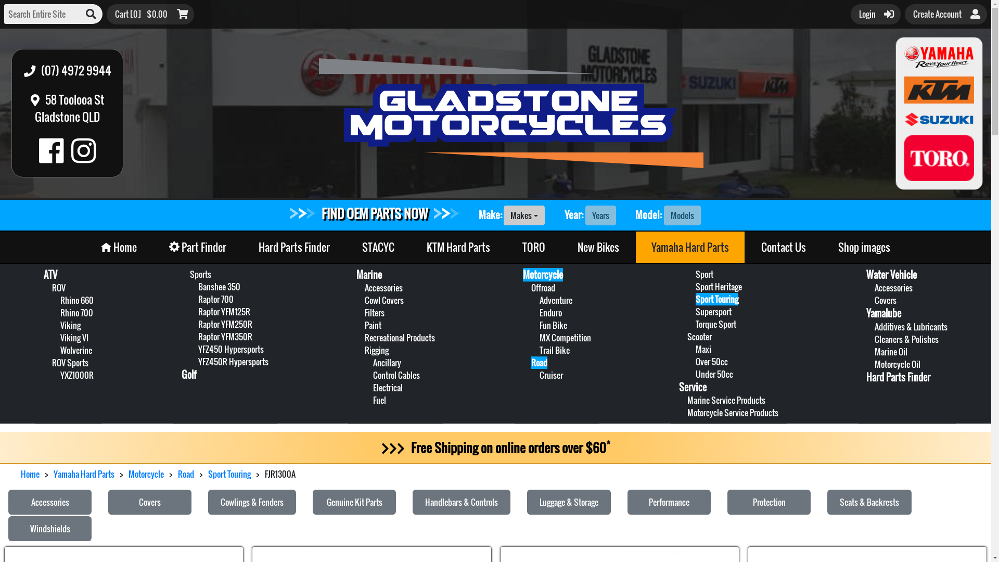  Describe the element at coordinates (906, 339) in the screenshot. I see `'Cleaners & Polishes'` at that location.